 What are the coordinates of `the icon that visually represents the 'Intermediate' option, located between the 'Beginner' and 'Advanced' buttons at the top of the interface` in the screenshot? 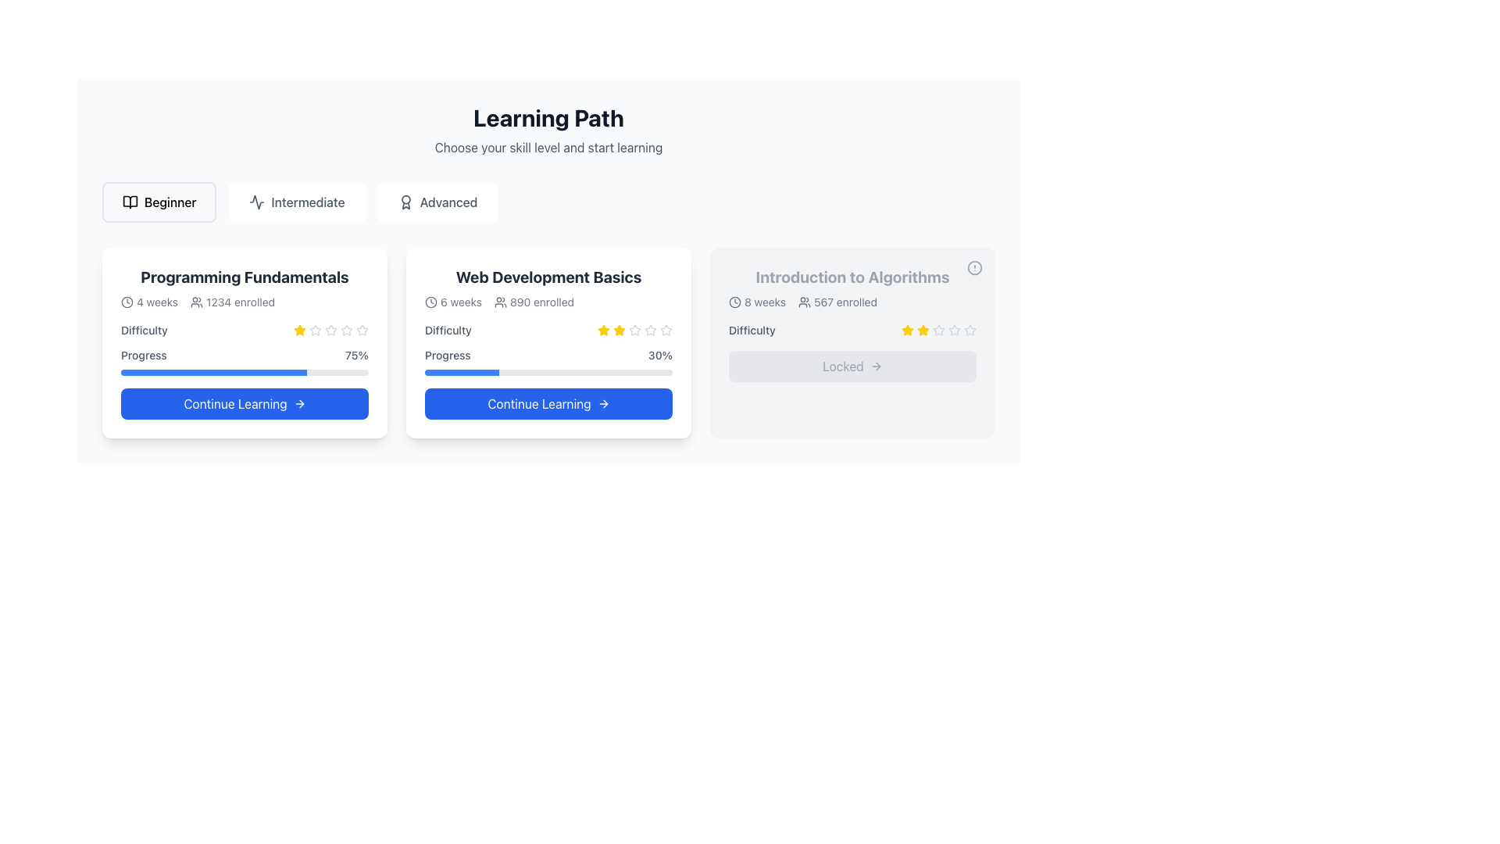 It's located at (257, 201).